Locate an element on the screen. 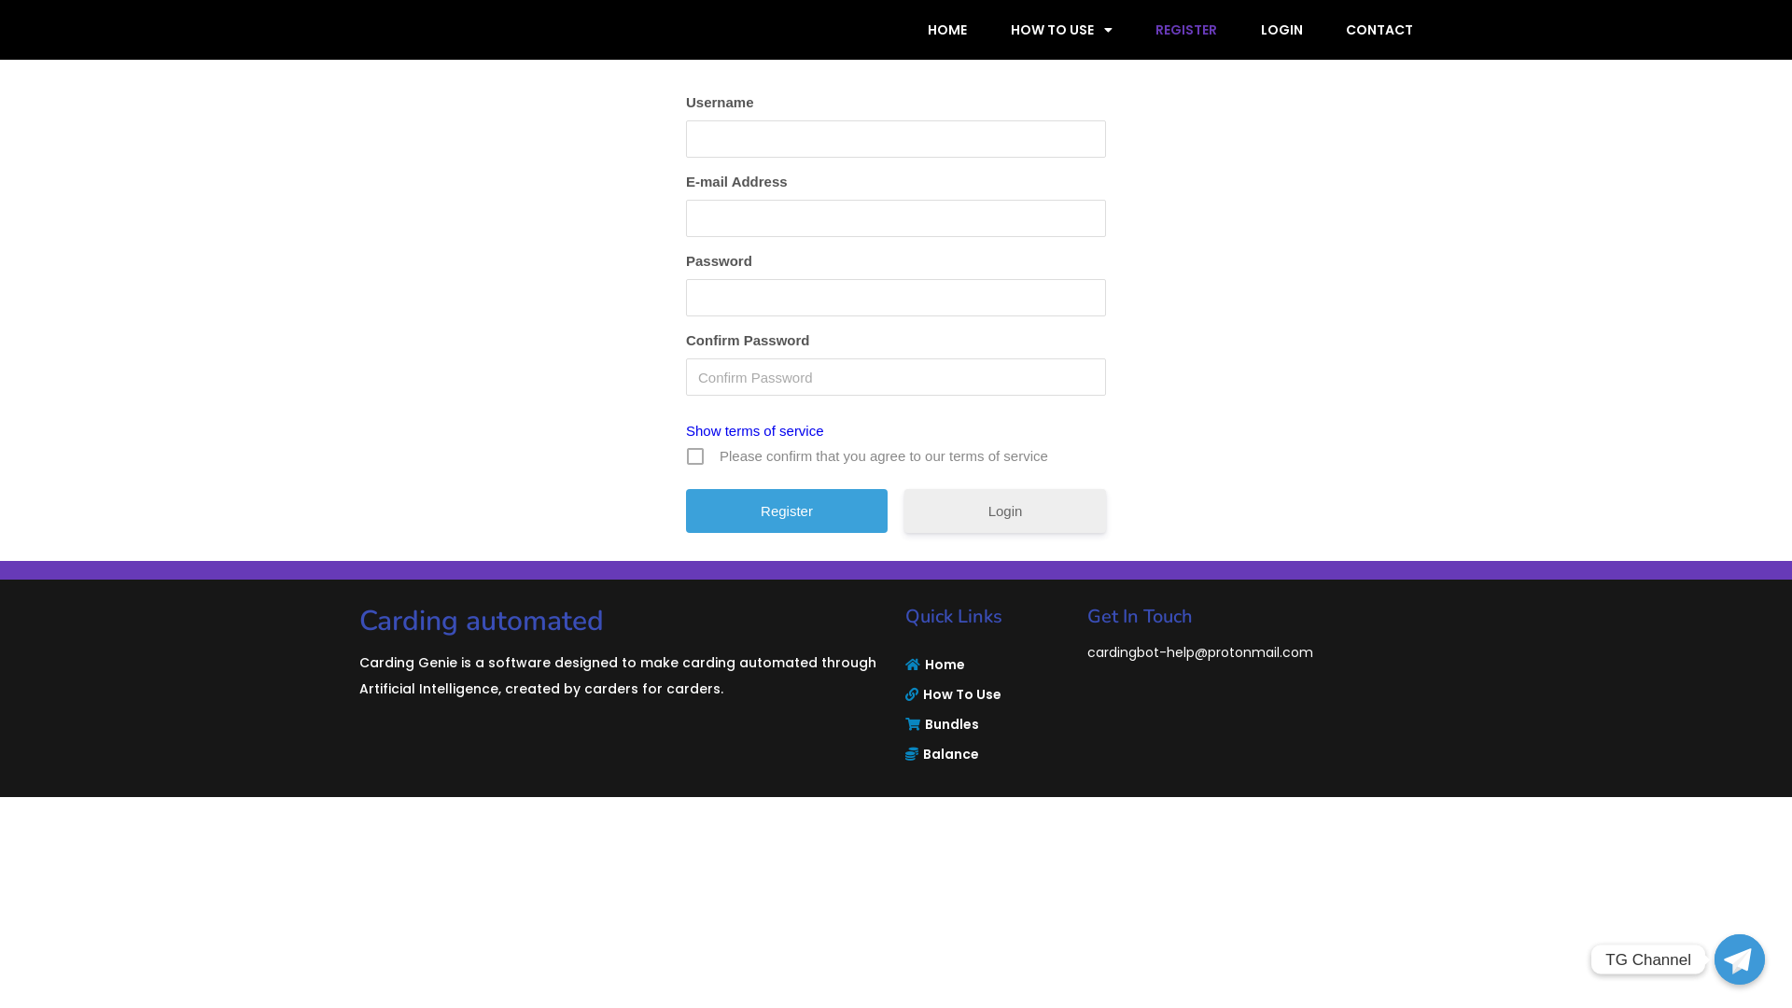 Image resolution: width=1792 pixels, height=1008 pixels. 'TG Channel' is located at coordinates (1738, 959).